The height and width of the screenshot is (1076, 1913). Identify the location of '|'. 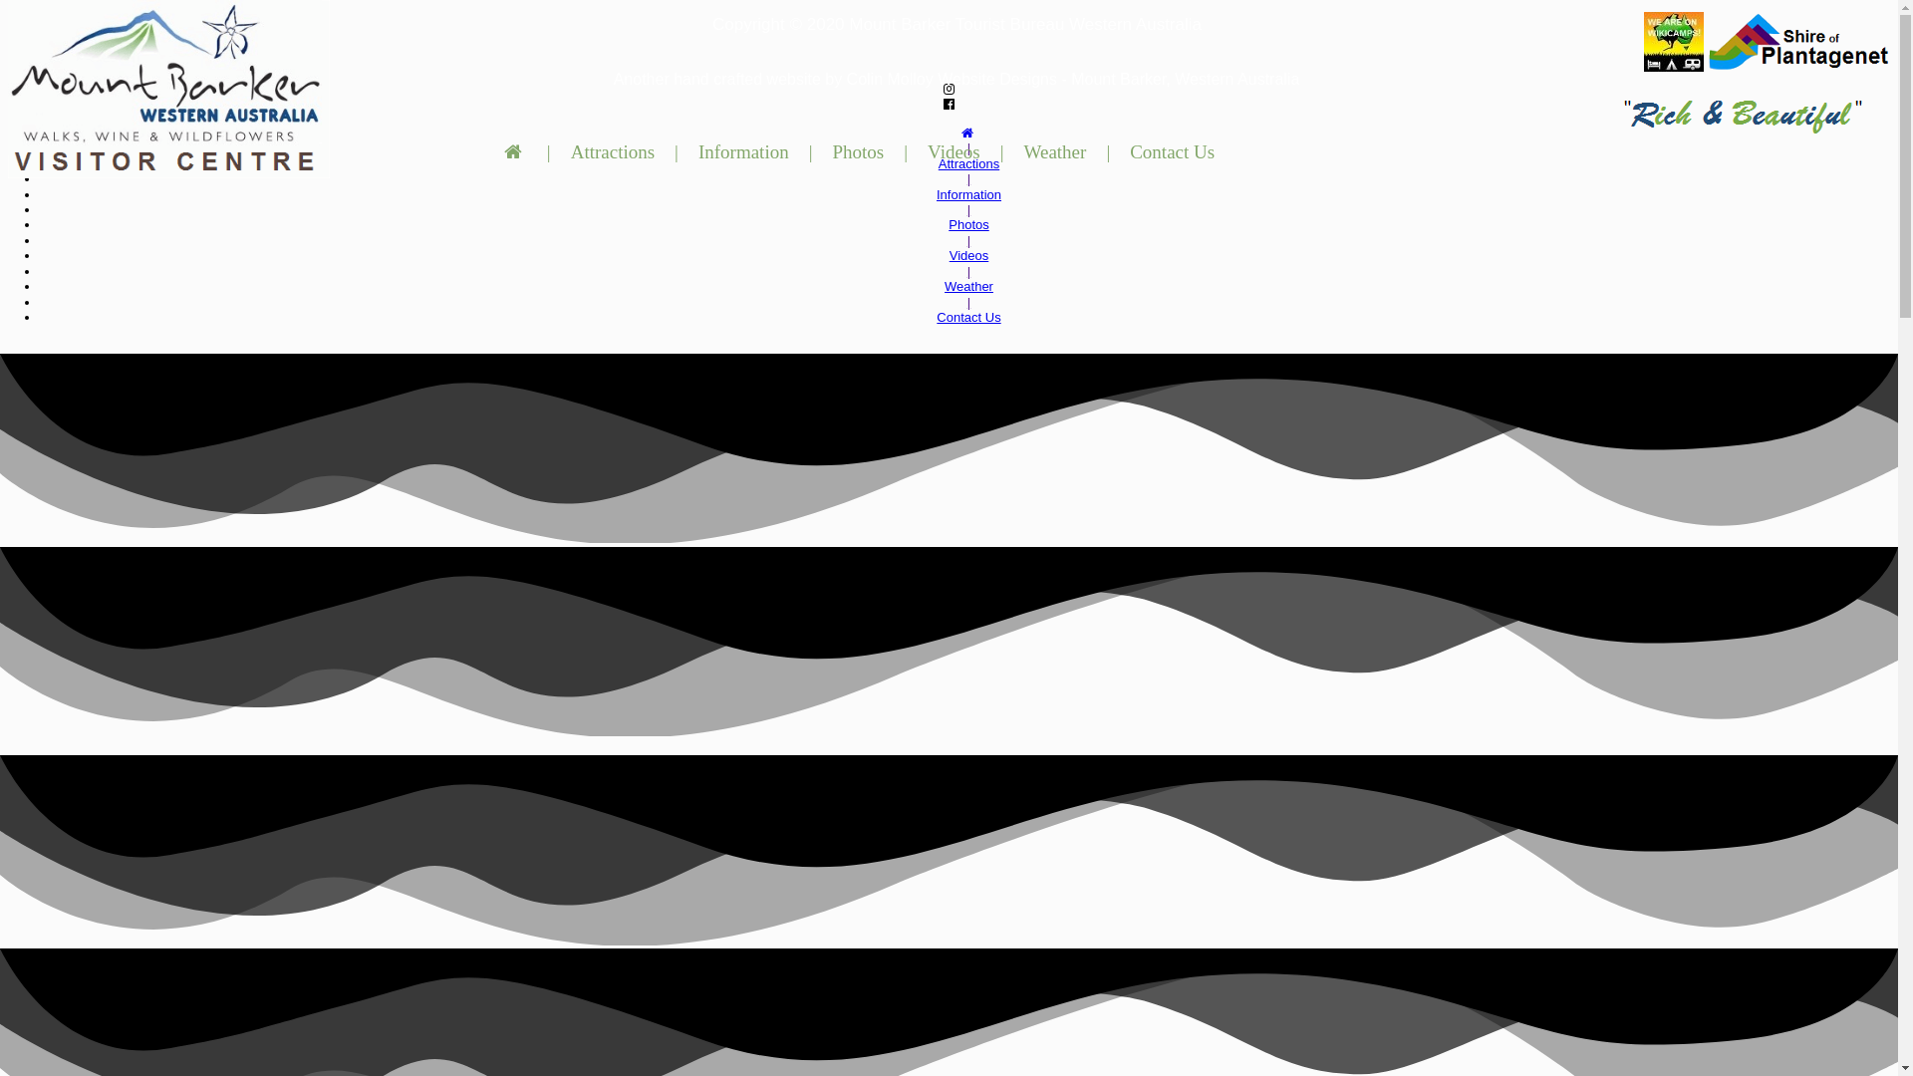
(811, 151).